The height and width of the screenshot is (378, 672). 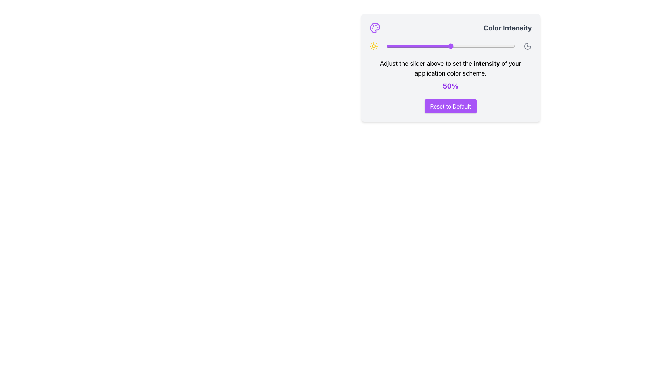 What do you see at coordinates (374, 28) in the screenshot?
I see `the color intensity icon located on the left side of the header titled 'Color Intensity'` at bounding box center [374, 28].